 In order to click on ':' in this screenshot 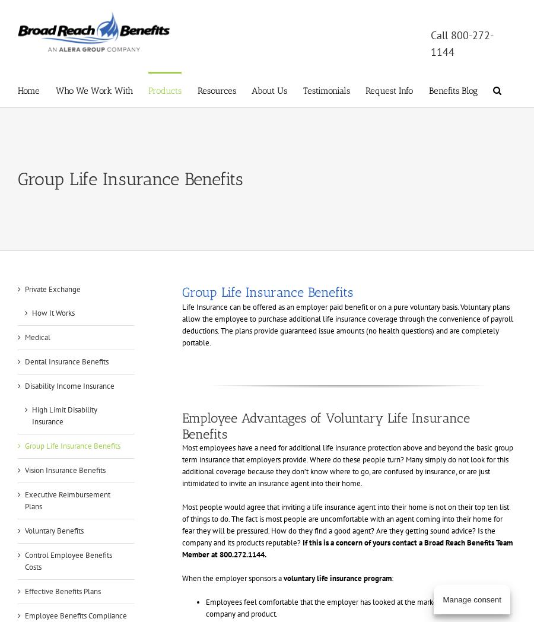, I will do `click(392, 577)`.